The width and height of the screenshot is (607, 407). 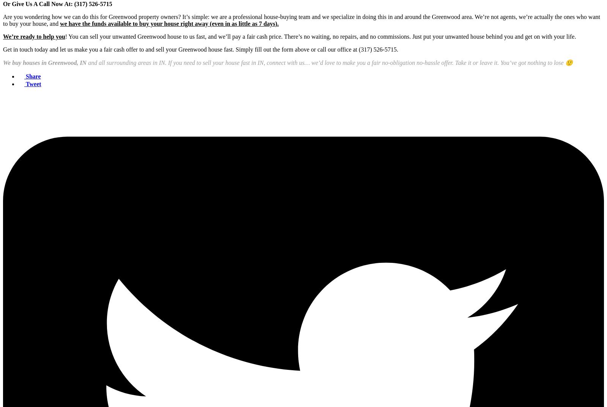 I want to click on 'We buy houses in Greenwood, IN', so click(x=44, y=62).